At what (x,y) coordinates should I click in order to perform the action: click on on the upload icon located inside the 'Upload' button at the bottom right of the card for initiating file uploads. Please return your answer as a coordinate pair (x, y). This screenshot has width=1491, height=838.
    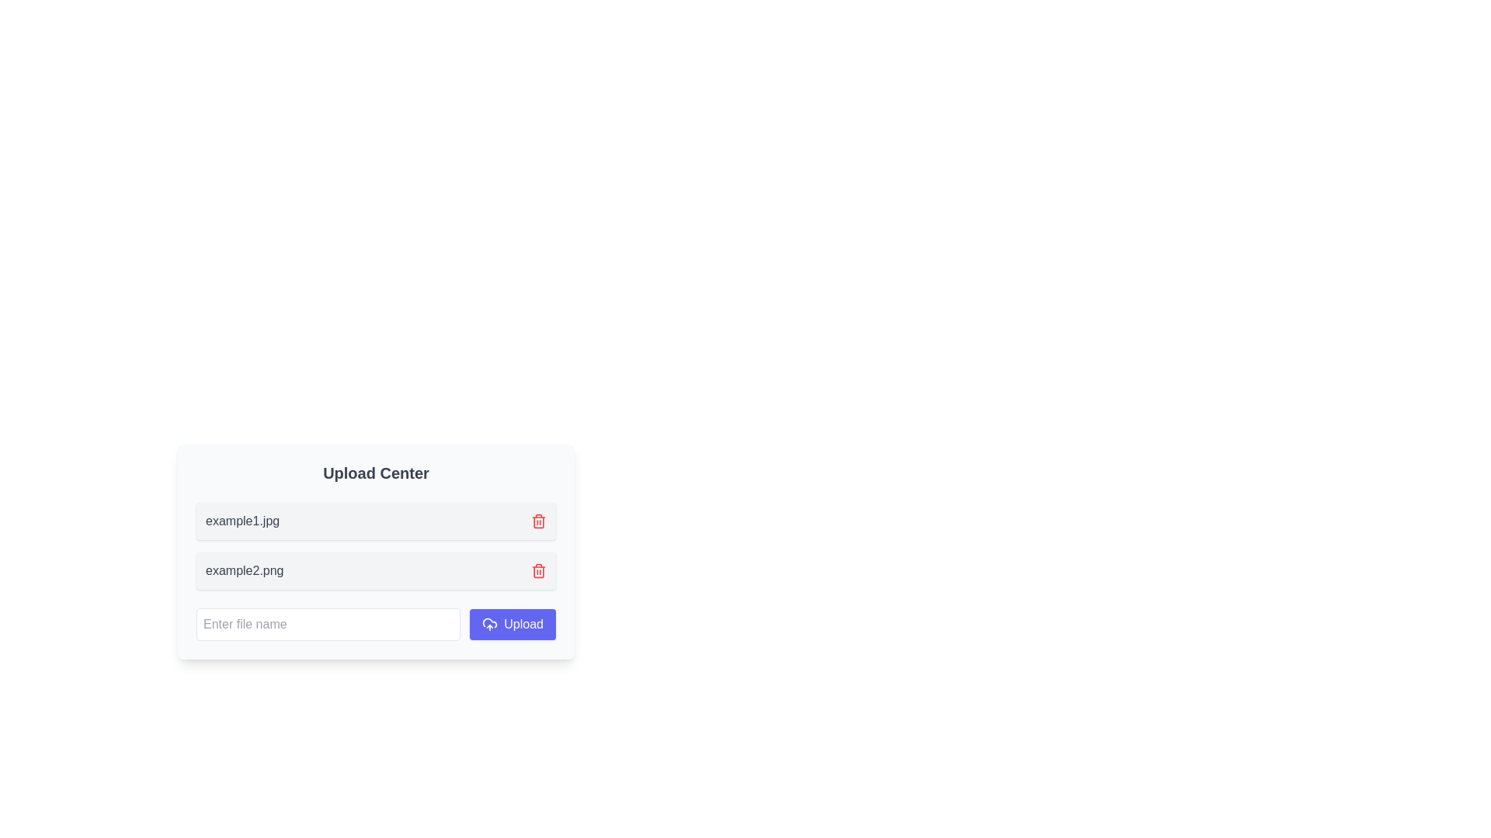
    Looking at the image, I should click on (489, 624).